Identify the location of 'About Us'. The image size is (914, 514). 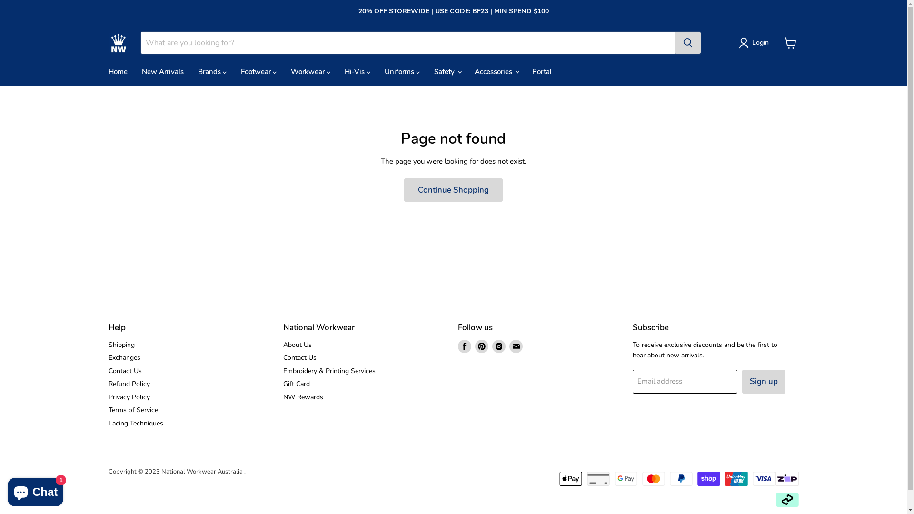
(283, 345).